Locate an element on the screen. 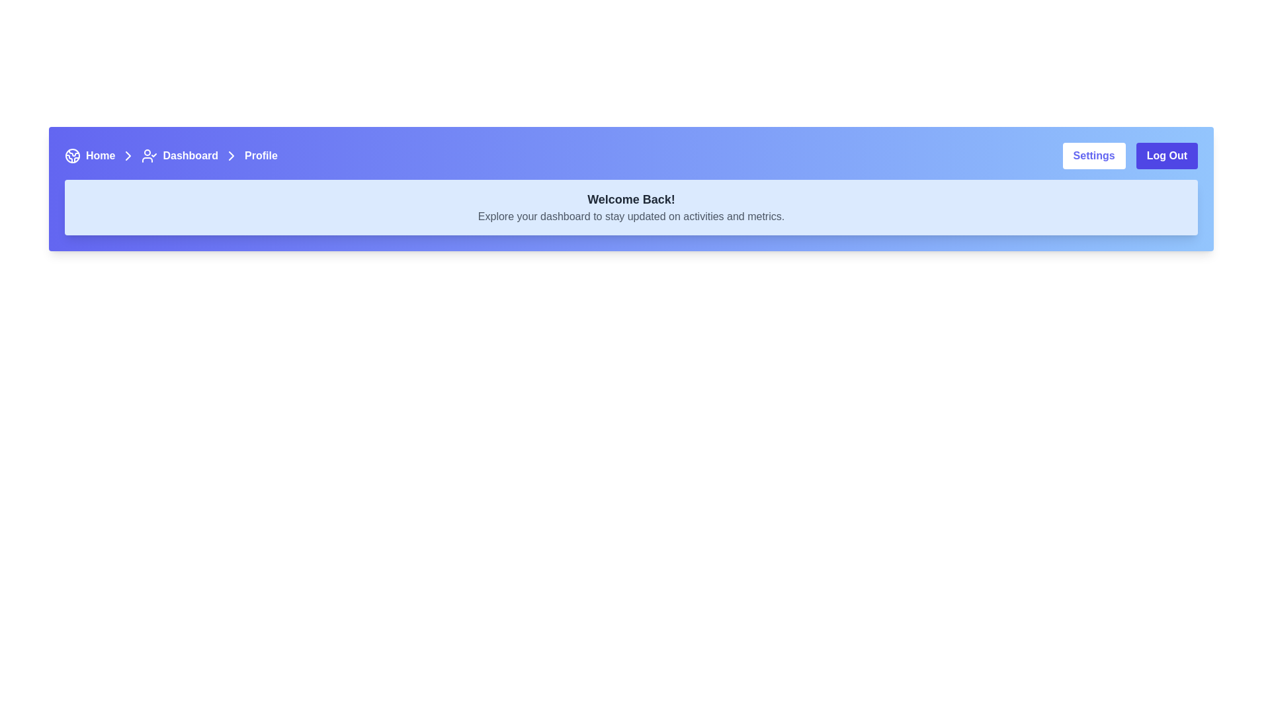 This screenshot has width=1270, height=714. the visual separator icon in the breadcrumb navigation bar, located between 'Dashboard' and 'Profile' is located at coordinates (232, 155).